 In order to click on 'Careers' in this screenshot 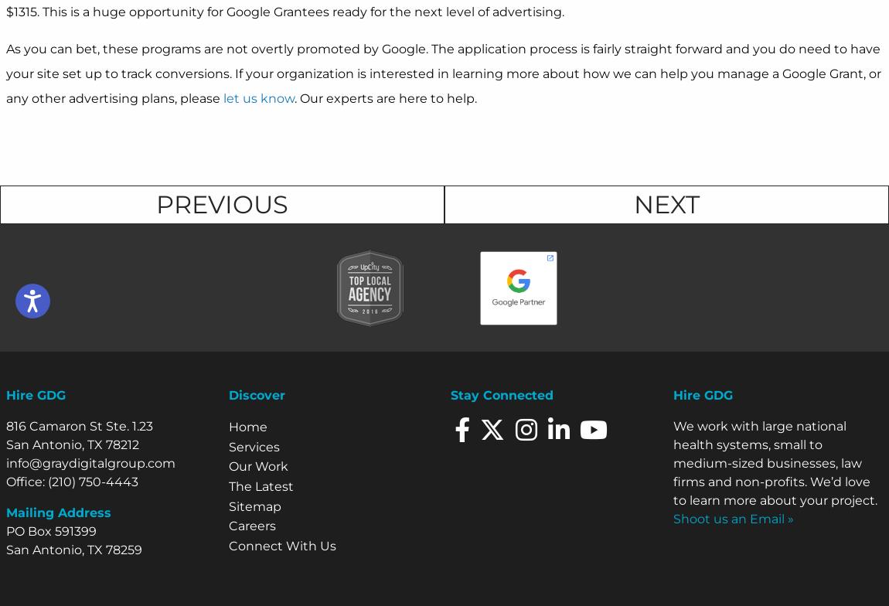, I will do `click(251, 526)`.